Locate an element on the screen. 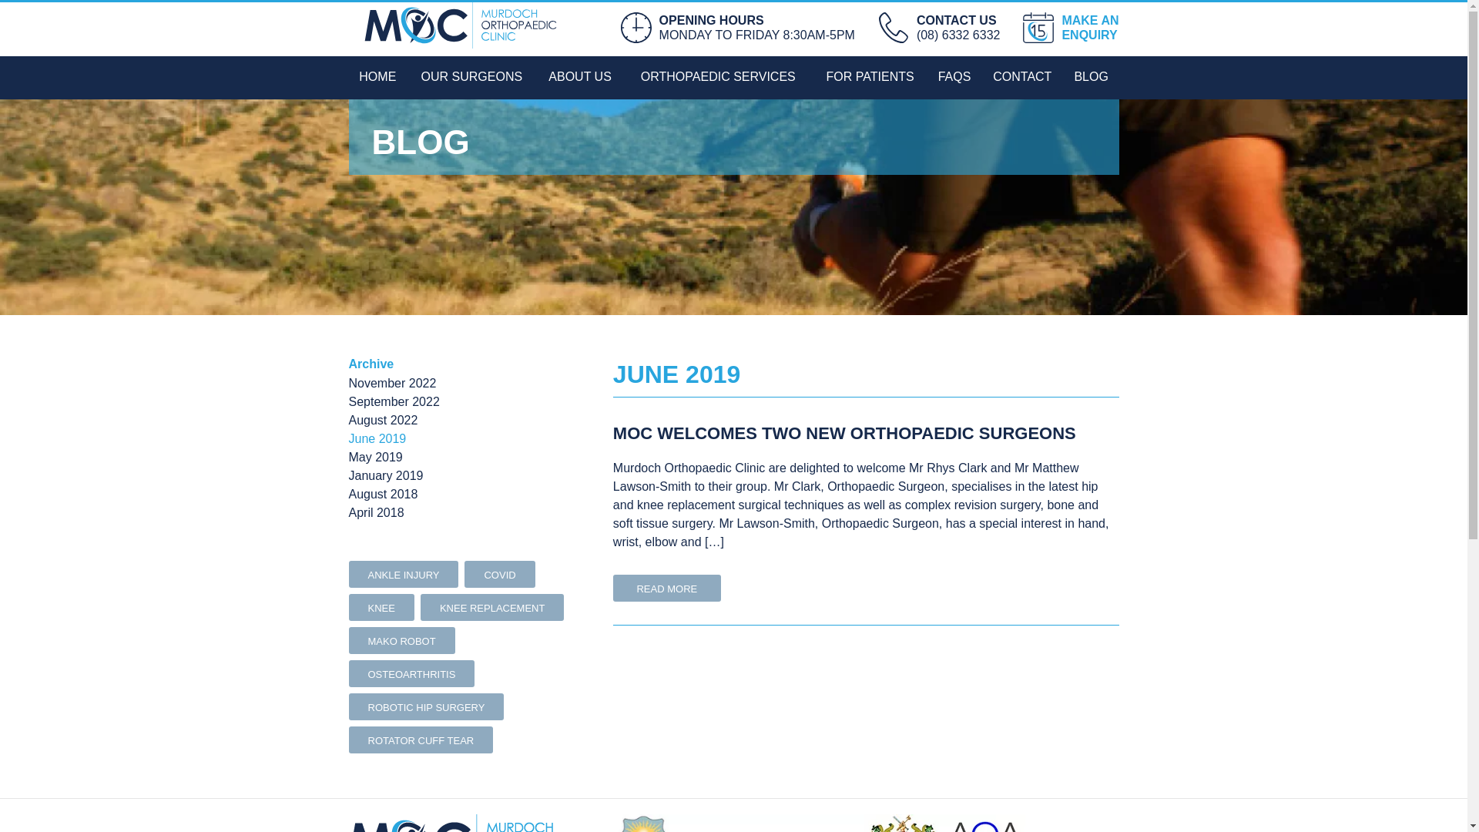 This screenshot has width=1479, height=832. 'COVID' is located at coordinates (464, 574).